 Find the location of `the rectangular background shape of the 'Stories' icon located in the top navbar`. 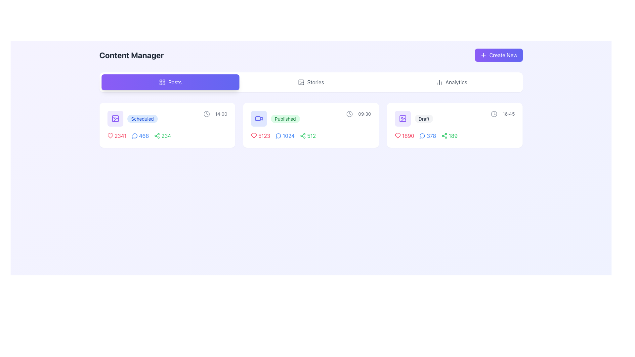

the rectangular background shape of the 'Stories' icon located in the top navbar is located at coordinates (301, 82).